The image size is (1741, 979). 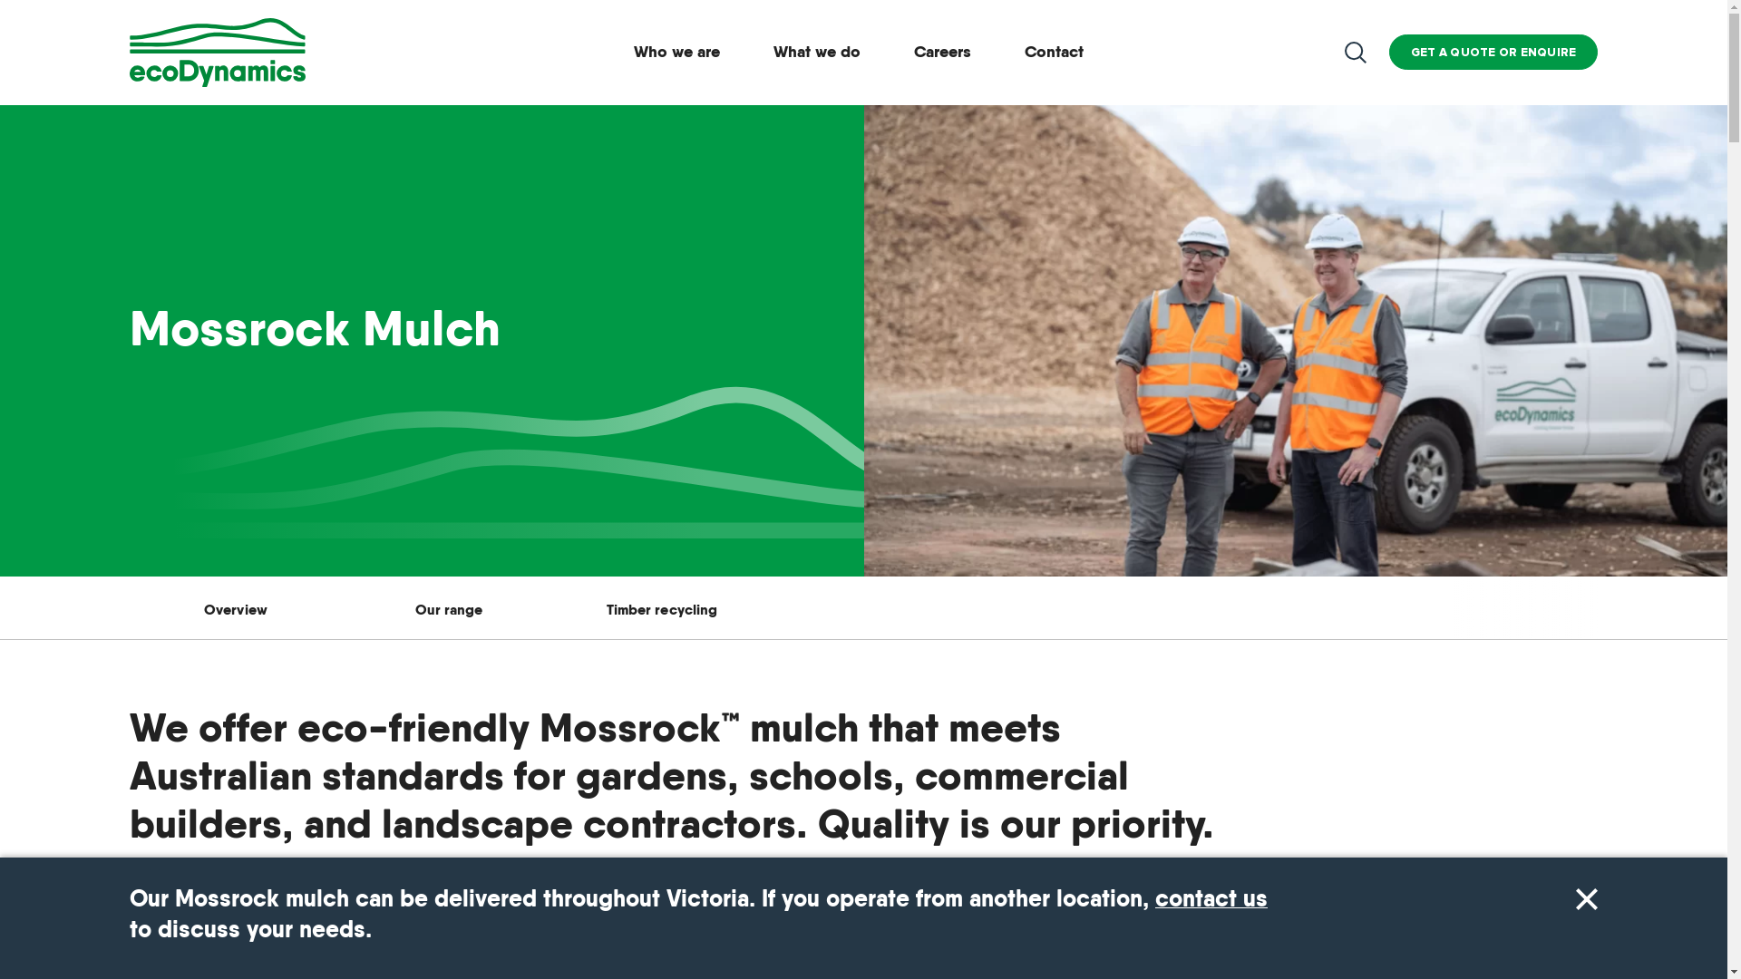 I want to click on 'Timber recycling', so click(x=660, y=608).